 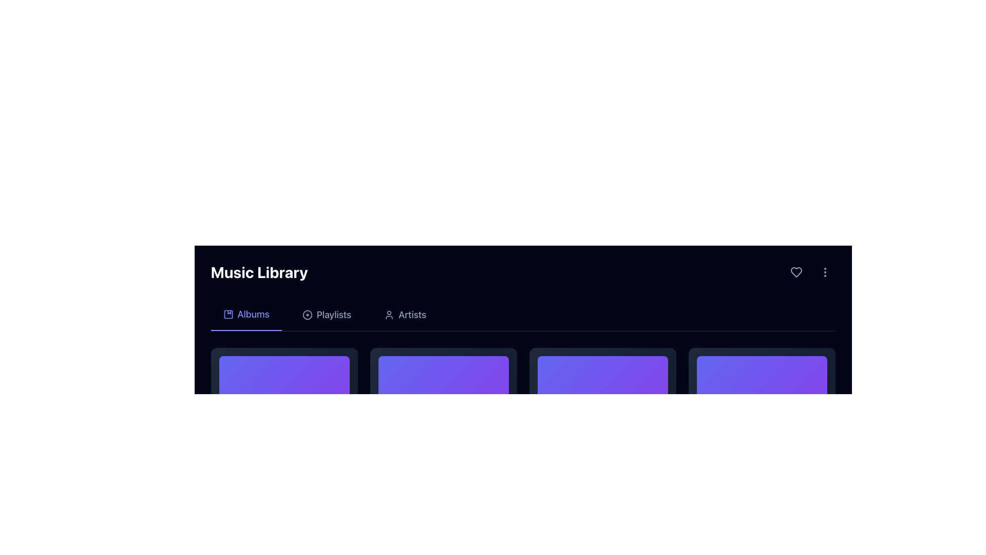 What do you see at coordinates (245, 314) in the screenshot?
I see `the 'Albums' button in the navigation bar, which is the first button among three options, to trigger potential visual feedback` at bounding box center [245, 314].